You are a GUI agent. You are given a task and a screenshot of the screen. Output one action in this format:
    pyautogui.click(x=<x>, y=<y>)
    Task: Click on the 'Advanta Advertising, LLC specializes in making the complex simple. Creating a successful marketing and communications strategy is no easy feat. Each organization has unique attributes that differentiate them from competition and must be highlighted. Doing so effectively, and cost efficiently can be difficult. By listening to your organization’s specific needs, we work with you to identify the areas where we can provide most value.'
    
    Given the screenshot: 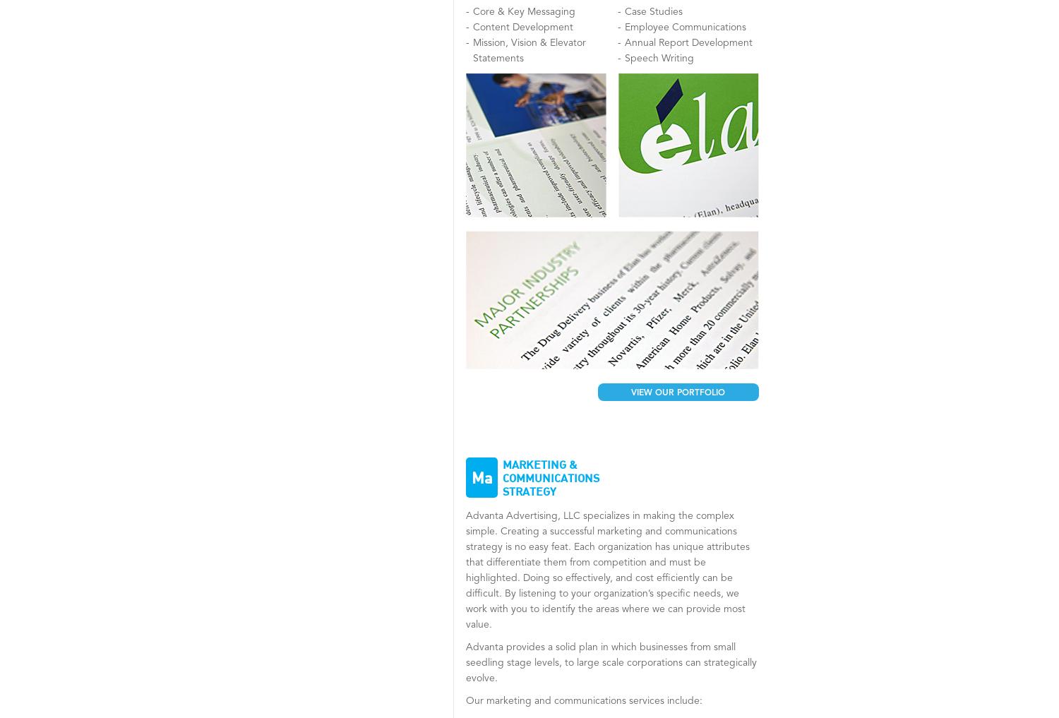 What is the action you would take?
    pyautogui.click(x=466, y=570)
    